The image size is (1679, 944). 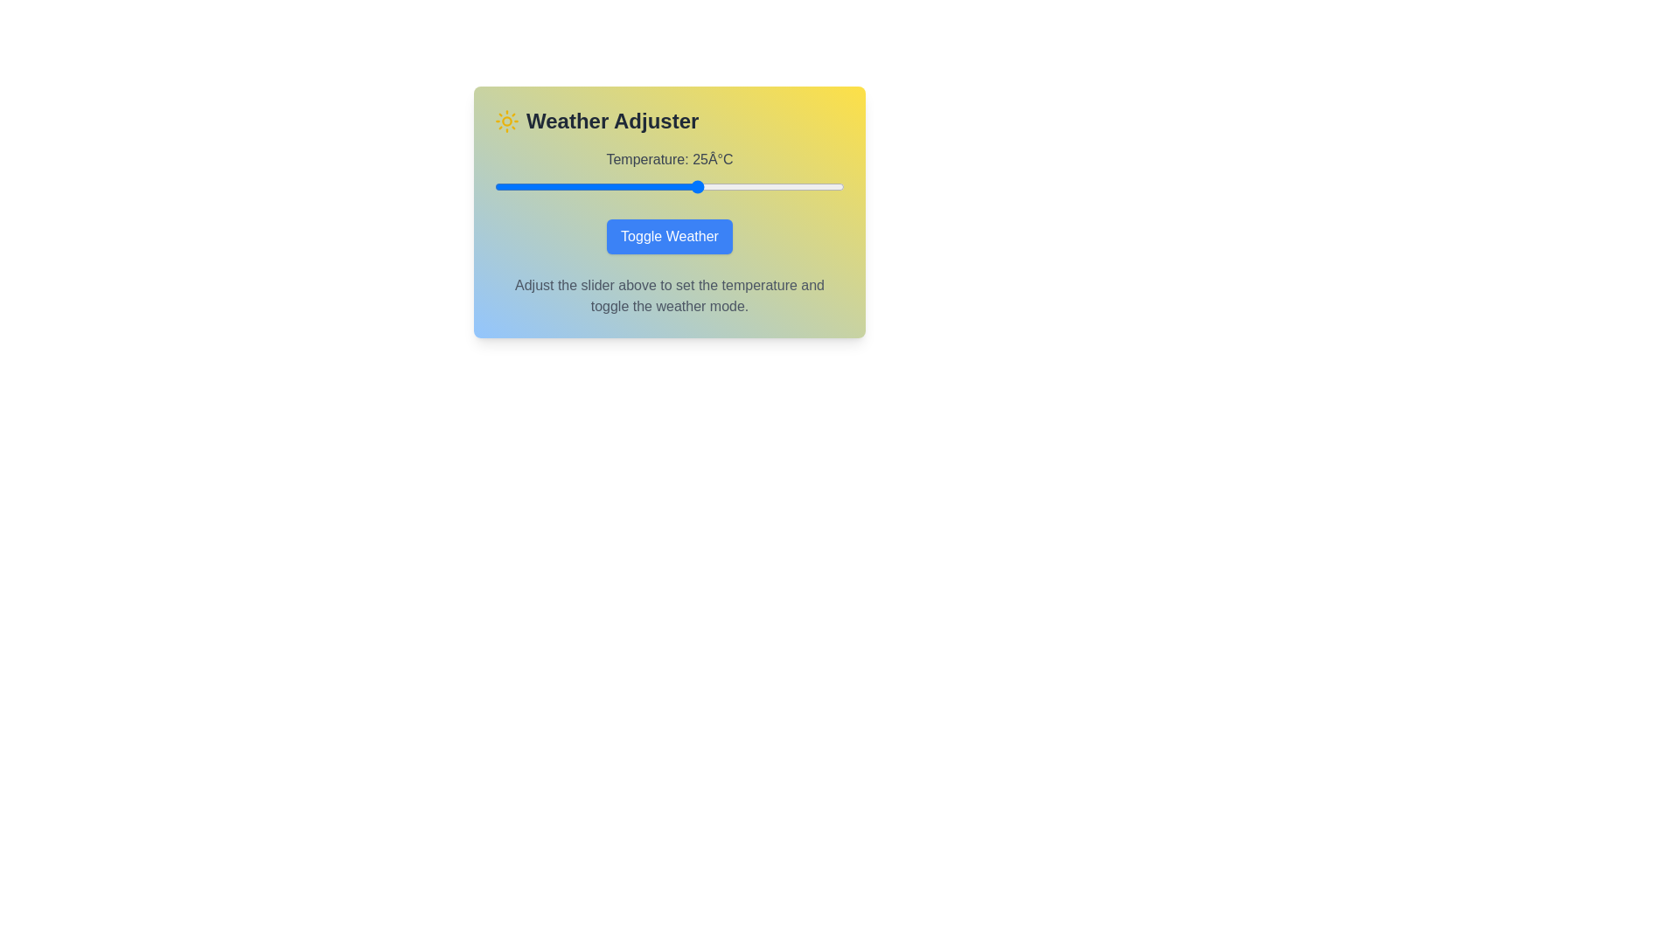 What do you see at coordinates (756, 186) in the screenshot?
I see `the temperature slider to set the temperature to 35°C` at bounding box center [756, 186].